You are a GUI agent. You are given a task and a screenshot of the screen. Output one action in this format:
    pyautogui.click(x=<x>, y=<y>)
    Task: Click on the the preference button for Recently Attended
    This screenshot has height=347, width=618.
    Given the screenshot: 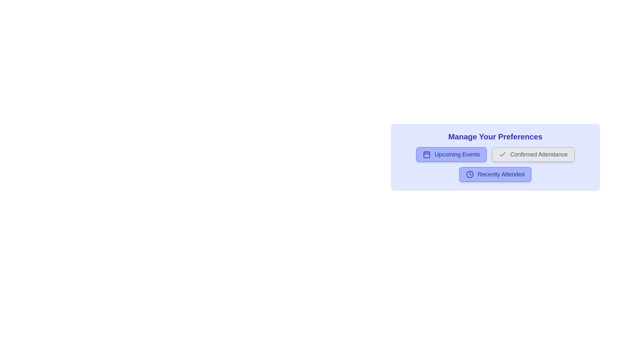 What is the action you would take?
    pyautogui.click(x=495, y=174)
    